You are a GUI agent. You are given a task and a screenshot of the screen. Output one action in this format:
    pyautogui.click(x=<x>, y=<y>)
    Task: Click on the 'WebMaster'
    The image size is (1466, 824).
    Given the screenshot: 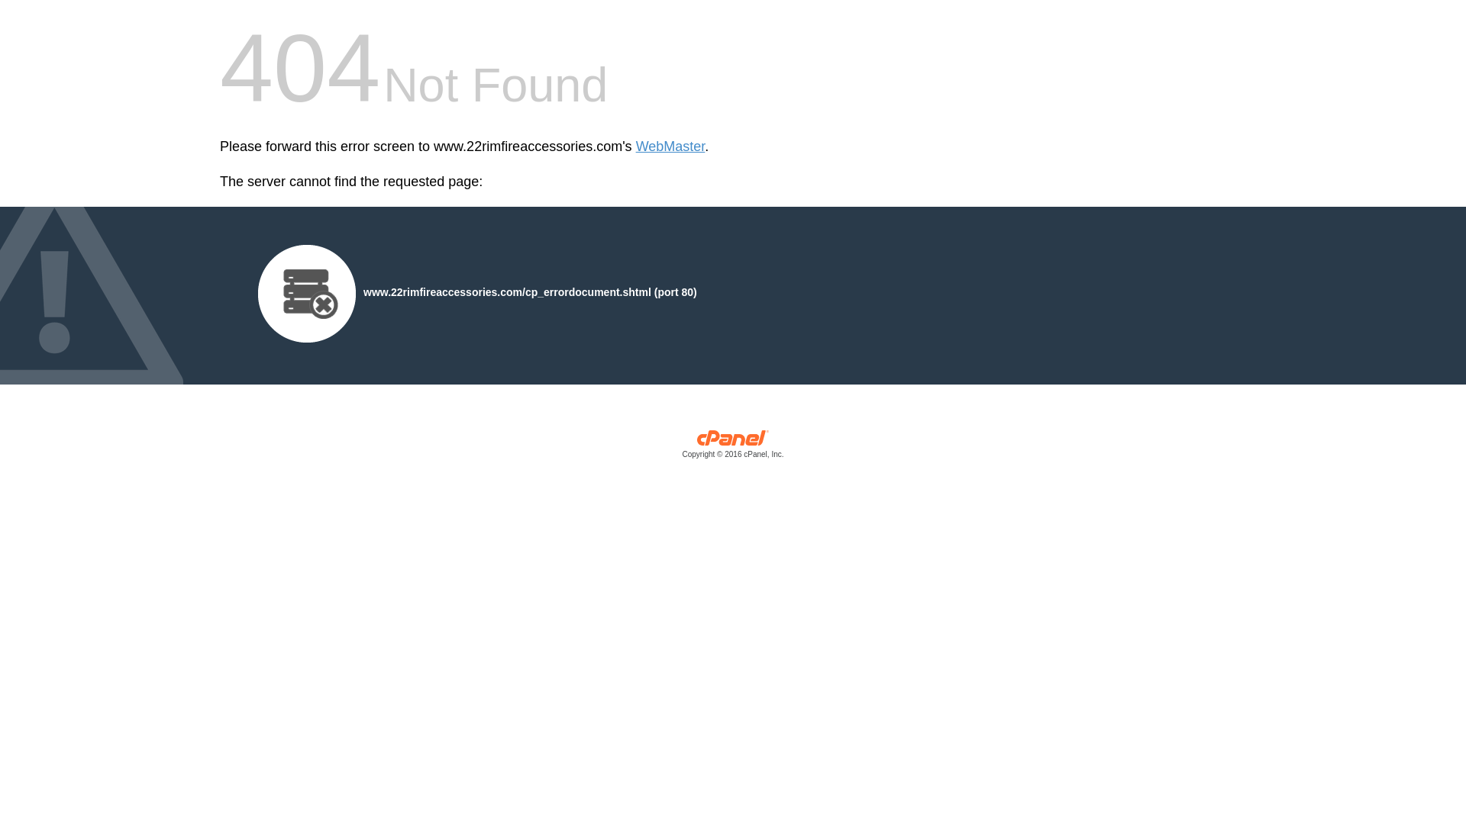 What is the action you would take?
    pyautogui.click(x=670, y=146)
    